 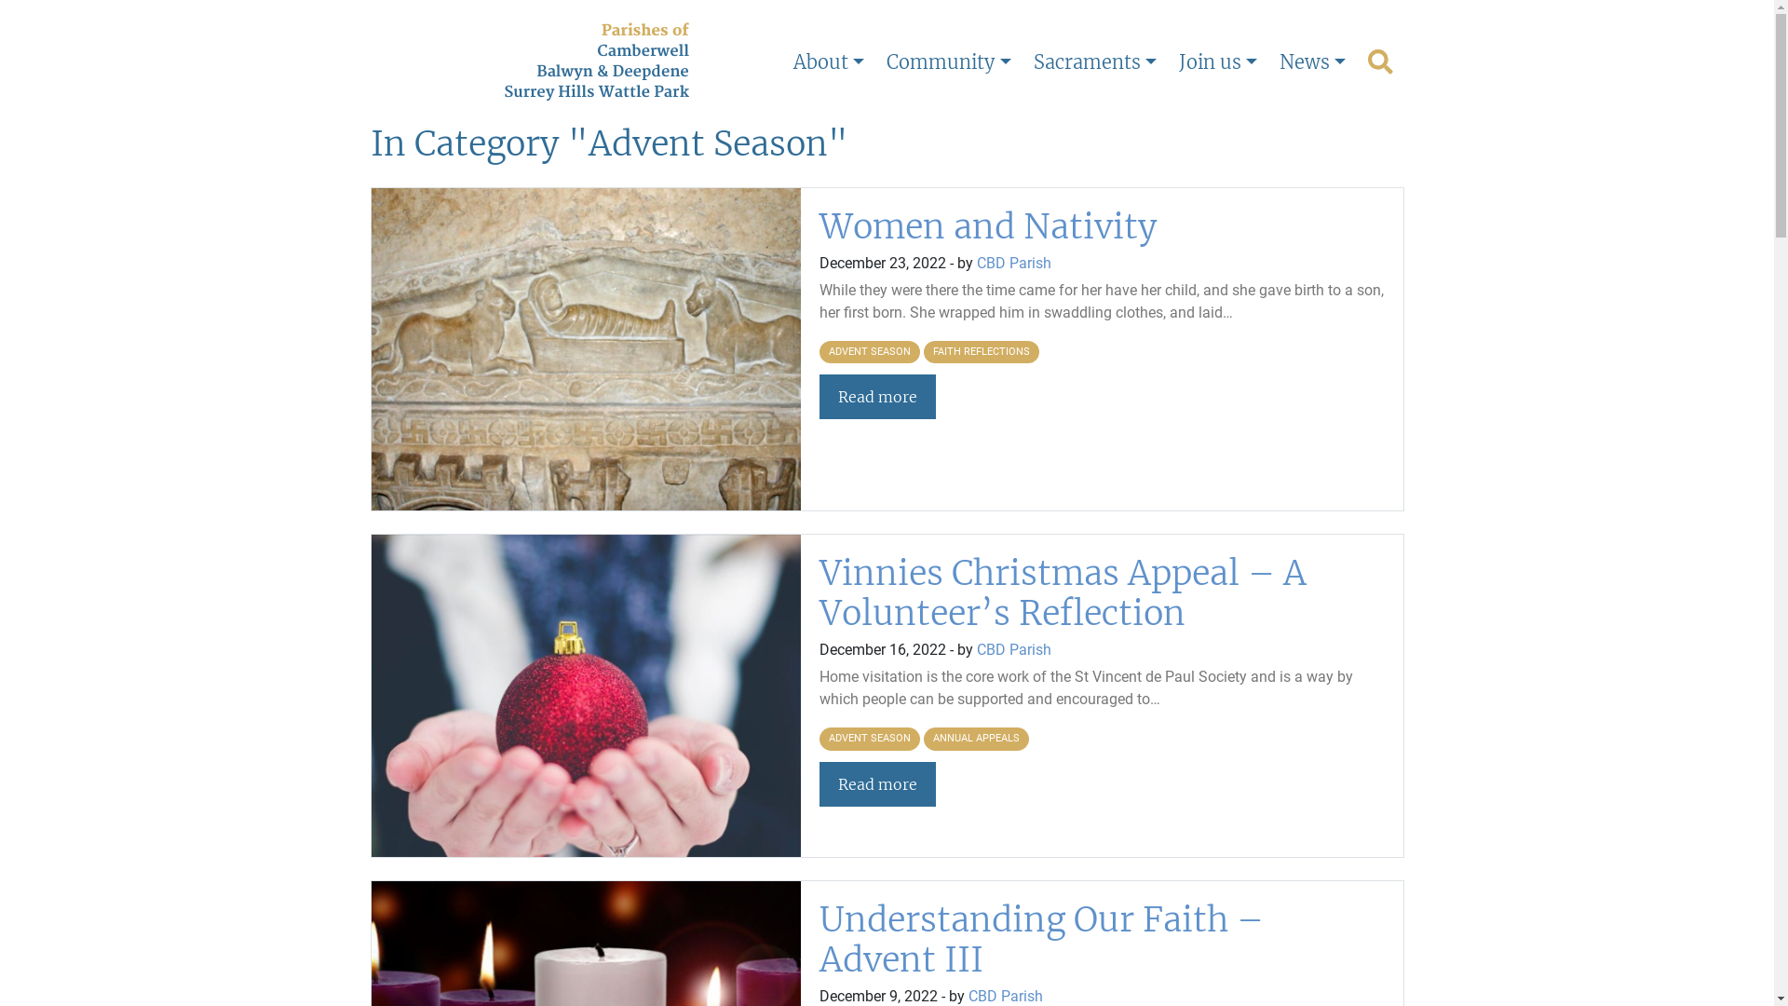 What do you see at coordinates (948, 61) in the screenshot?
I see `'Community'` at bounding box center [948, 61].